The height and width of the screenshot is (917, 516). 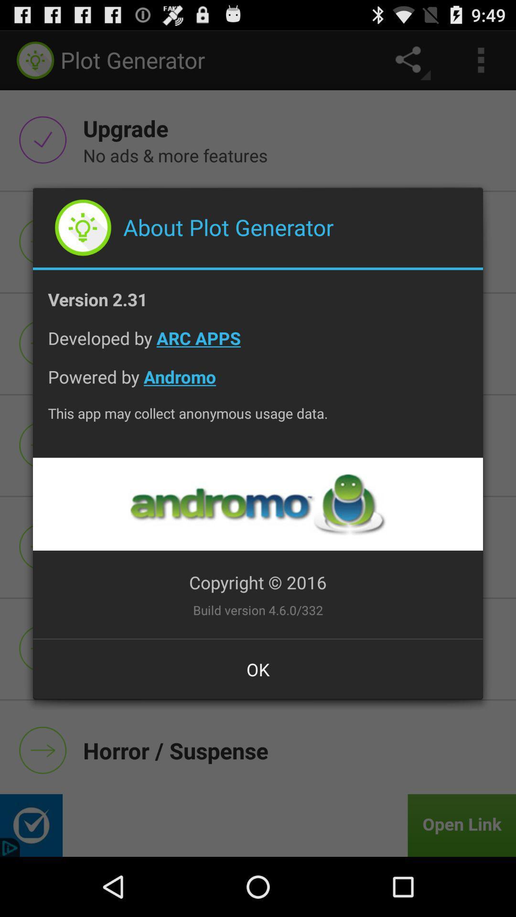 I want to click on the item at the bottom, so click(x=258, y=669).